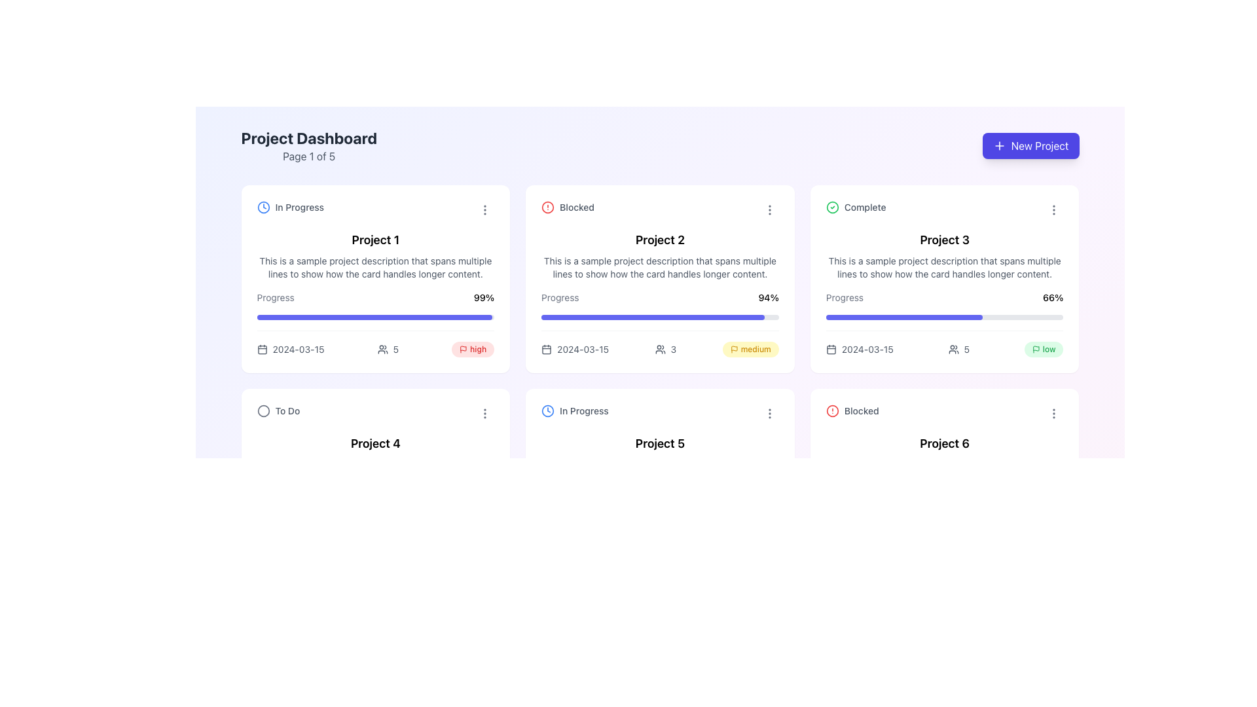 Image resolution: width=1257 pixels, height=707 pixels. Describe the element at coordinates (308, 138) in the screenshot. I see `the static text header titled 'Project Dashboard', which is a large, bold text located prominently at the top left of the interface` at that location.